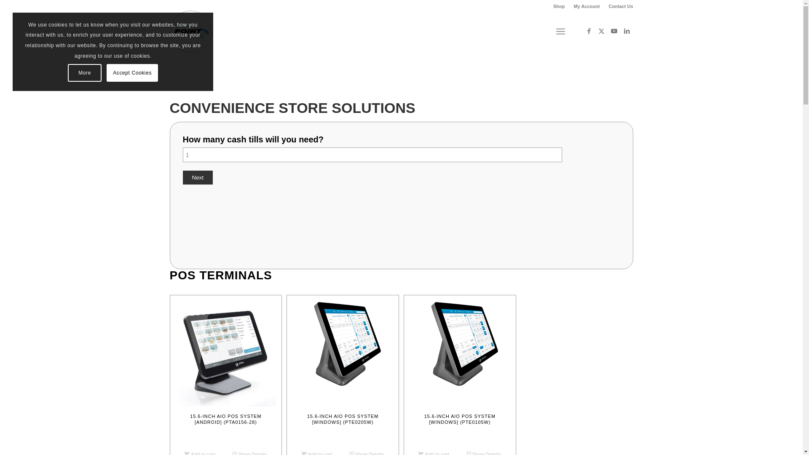 The height and width of the screenshot is (455, 809). Describe the element at coordinates (614, 30) in the screenshot. I see `'Youtube'` at that location.